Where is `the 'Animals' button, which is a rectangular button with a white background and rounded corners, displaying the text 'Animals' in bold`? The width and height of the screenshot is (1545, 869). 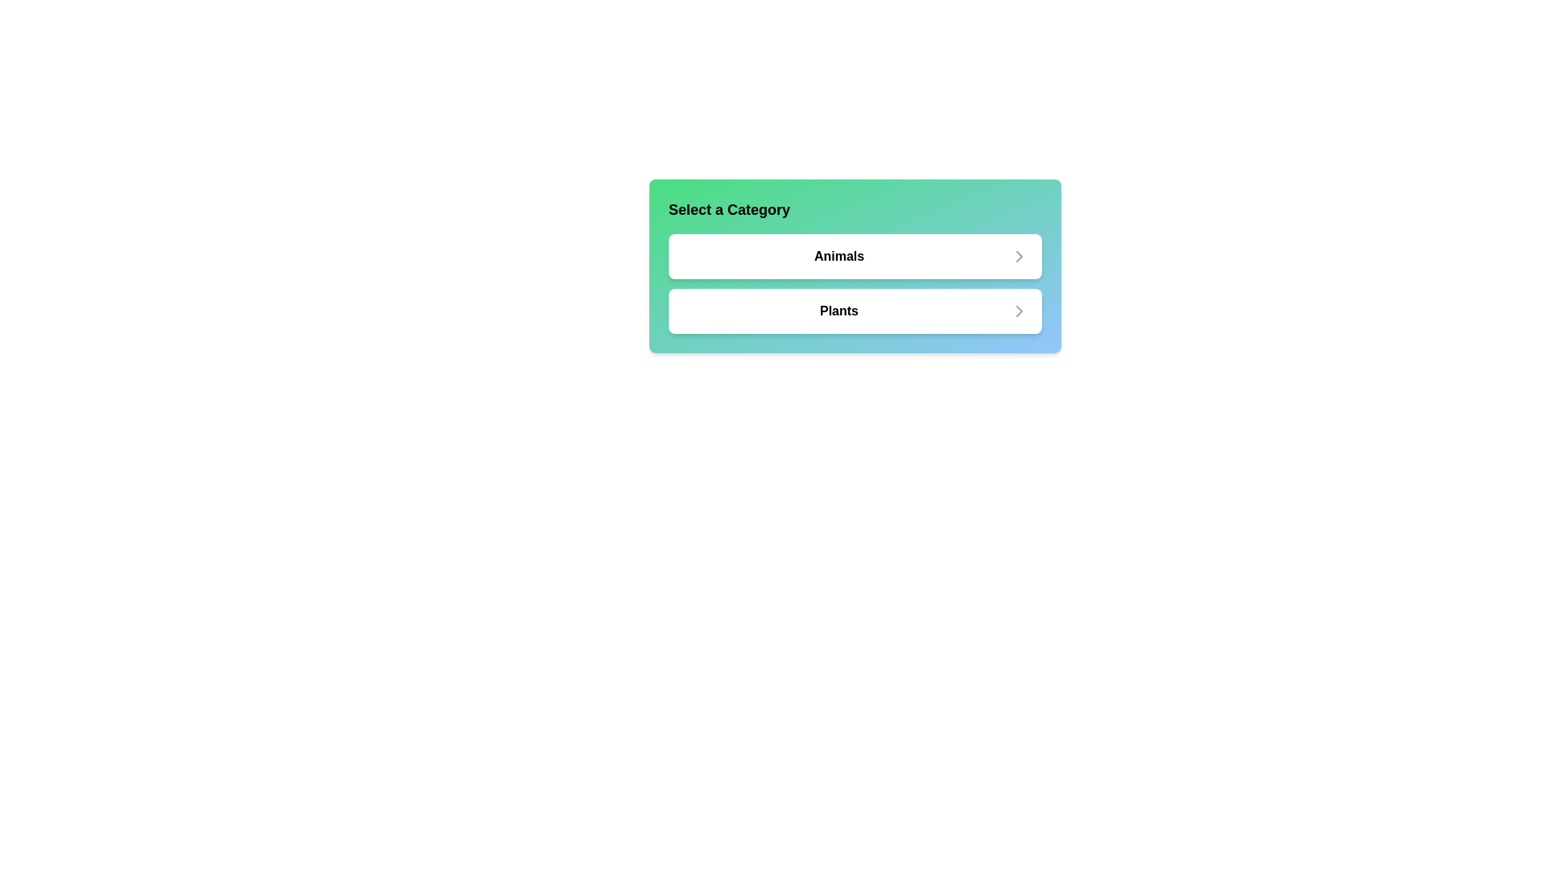
the 'Animals' button, which is a rectangular button with a white background and rounded corners, displaying the text 'Animals' in bold is located at coordinates (854, 266).